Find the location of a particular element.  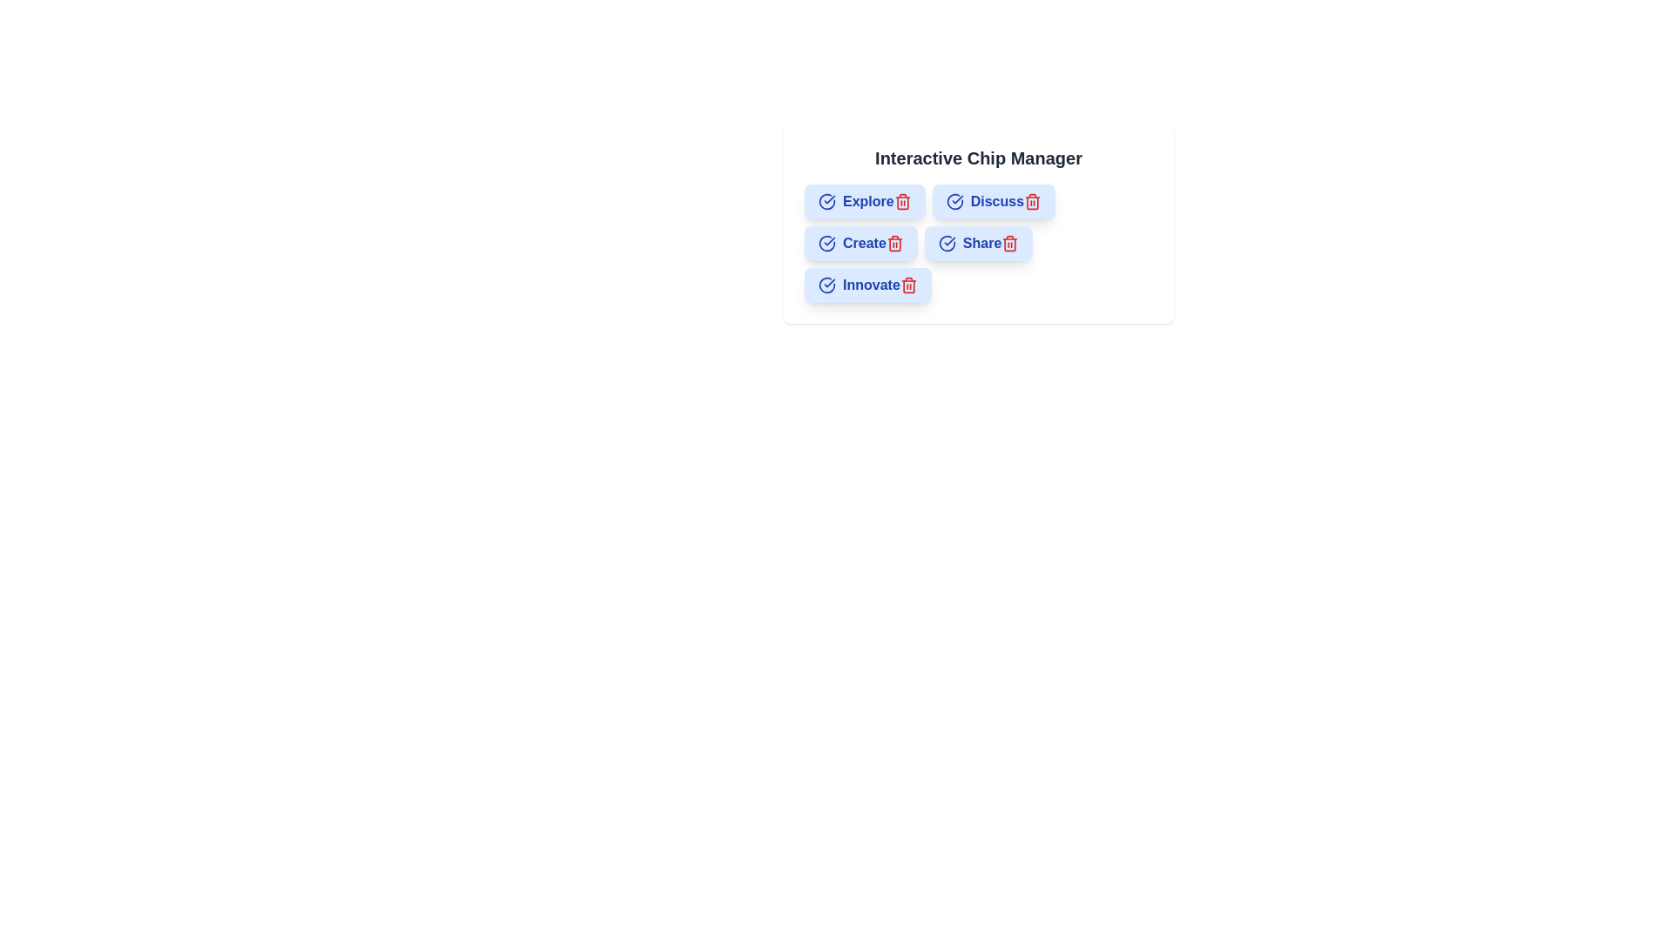

the trash icon of the chip labeled Share to remove it is located at coordinates (1010, 244).